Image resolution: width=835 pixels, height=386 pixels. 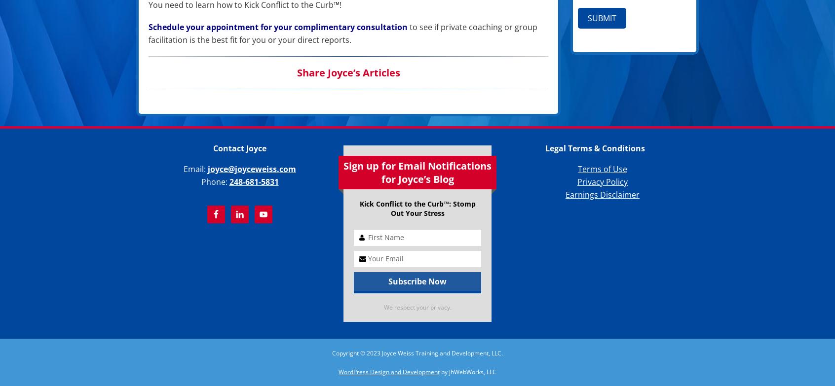 What do you see at coordinates (254, 182) in the screenshot?
I see `'248-681-5831'` at bounding box center [254, 182].